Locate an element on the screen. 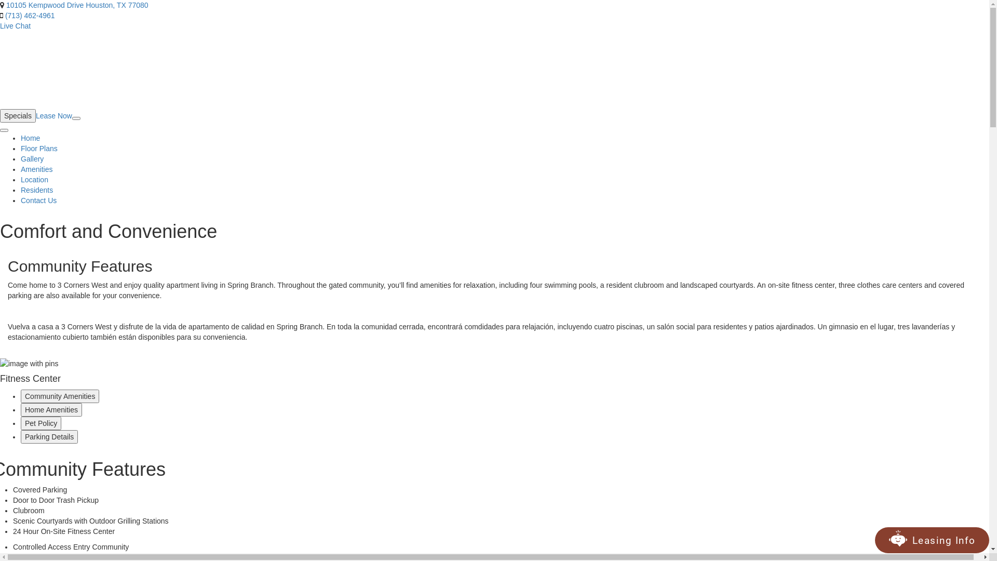 Image resolution: width=997 pixels, height=561 pixels. 'Parking Details' is located at coordinates (49, 436).